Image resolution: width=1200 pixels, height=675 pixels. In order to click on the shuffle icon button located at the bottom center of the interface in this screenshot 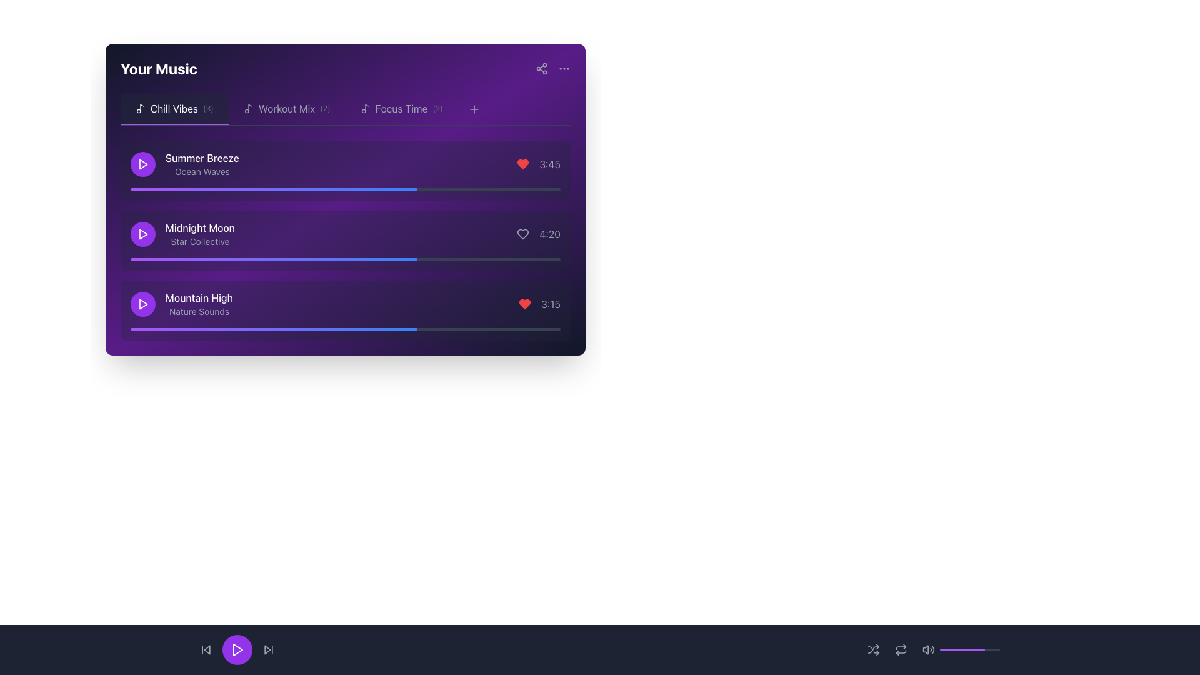, I will do `click(872, 649)`.